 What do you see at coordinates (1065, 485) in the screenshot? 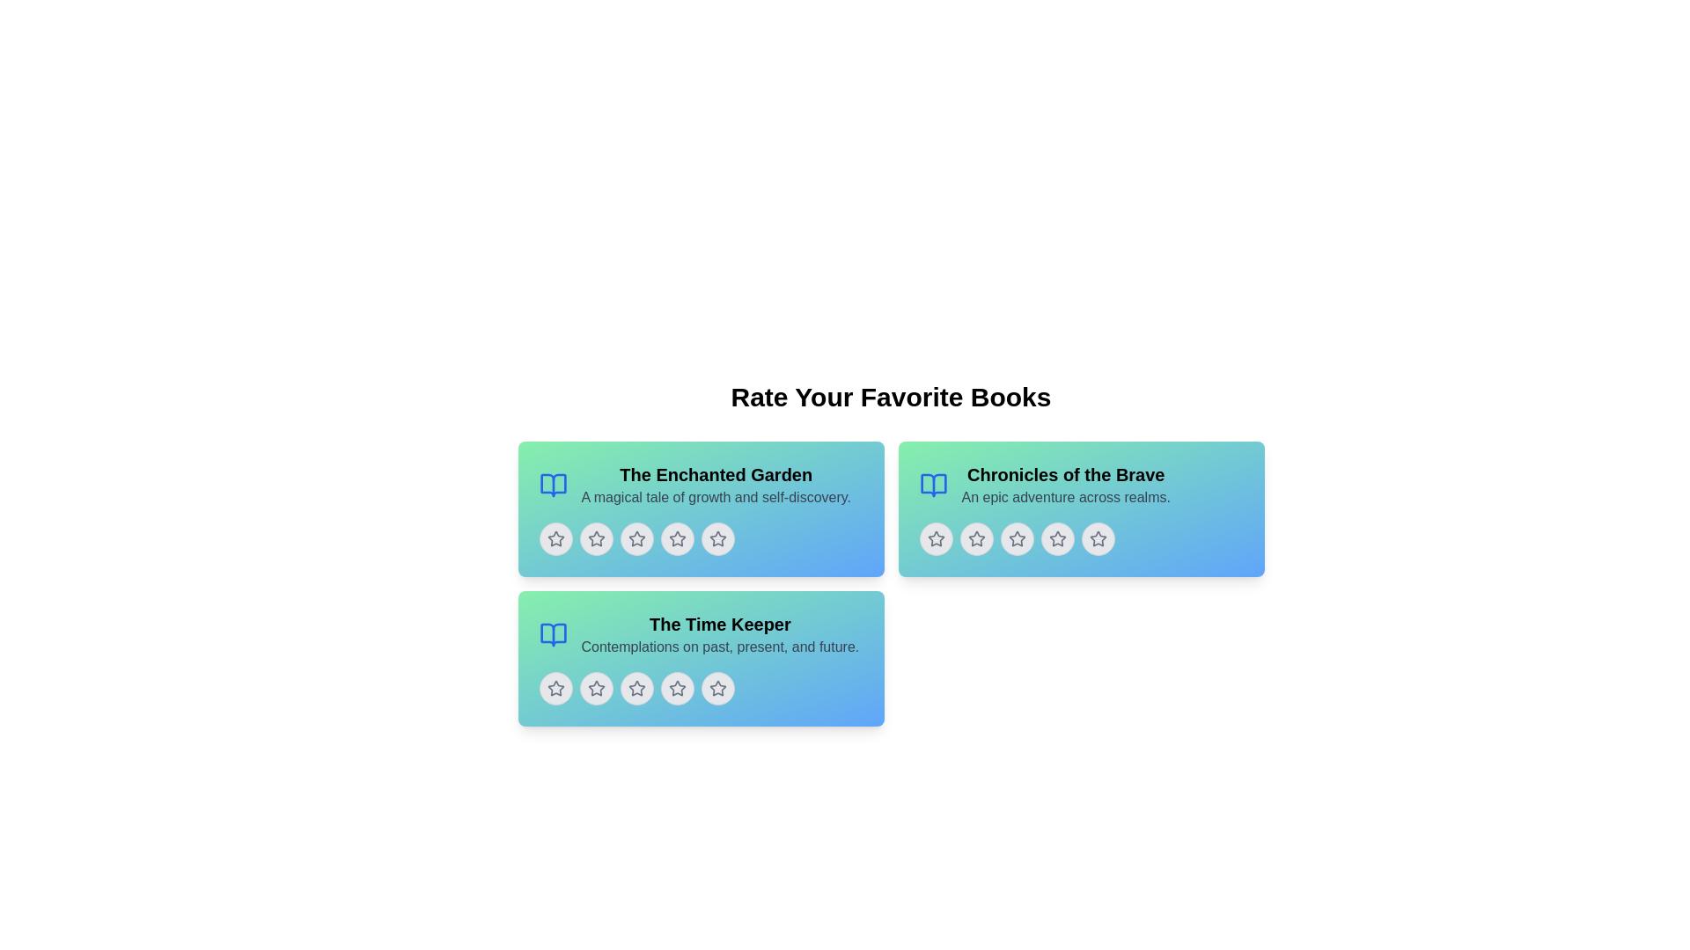
I see `the Text Block containing the title 'Chronicles of the Brave' and subtitle 'An epic adventure across realms.' located in the top right card of the three-card layout` at bounding box center [1065, 485].